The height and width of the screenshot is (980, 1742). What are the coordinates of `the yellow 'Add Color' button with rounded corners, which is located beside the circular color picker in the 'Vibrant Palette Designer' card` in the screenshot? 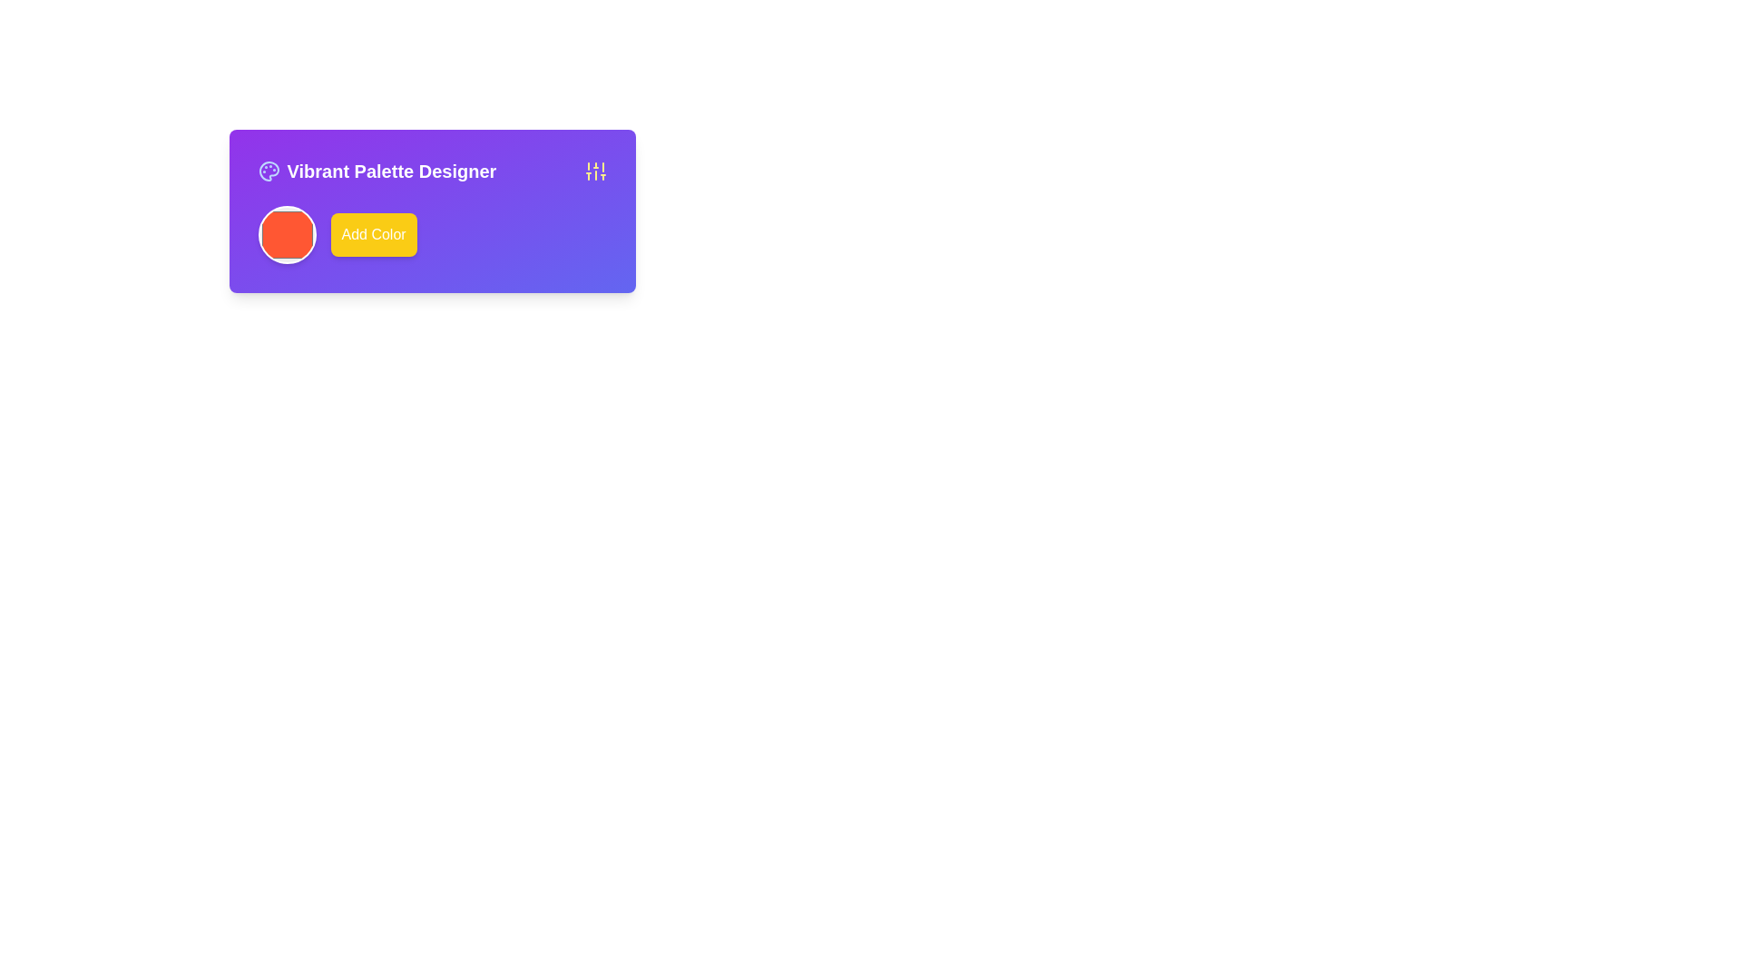 It's located at (431, 233).